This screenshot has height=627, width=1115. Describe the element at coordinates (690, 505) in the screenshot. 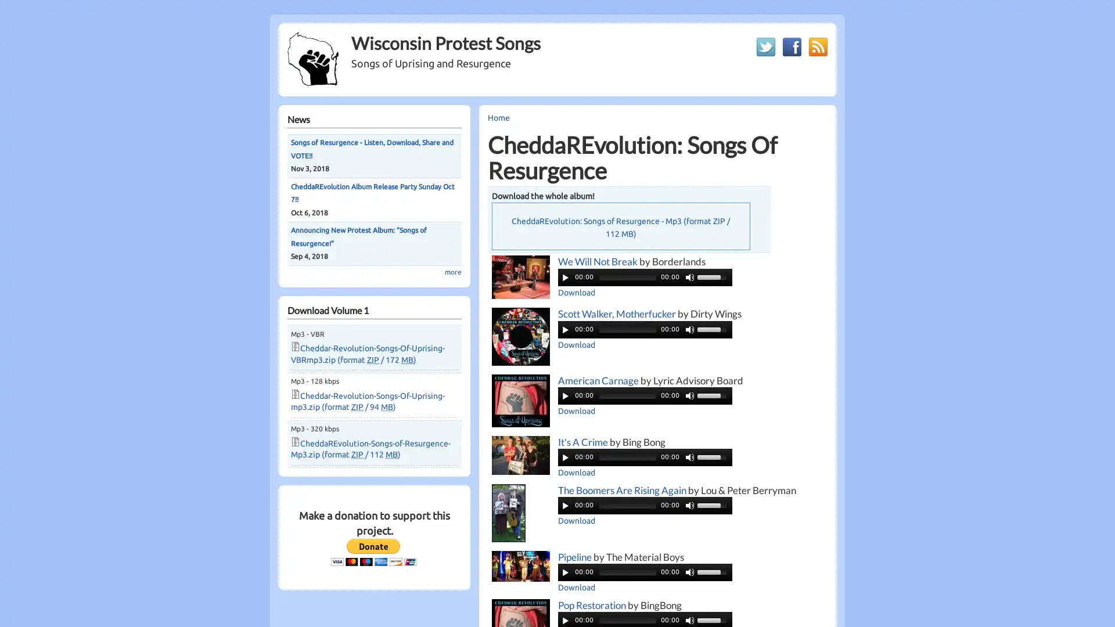

I see `Mute Toggle` at that location.